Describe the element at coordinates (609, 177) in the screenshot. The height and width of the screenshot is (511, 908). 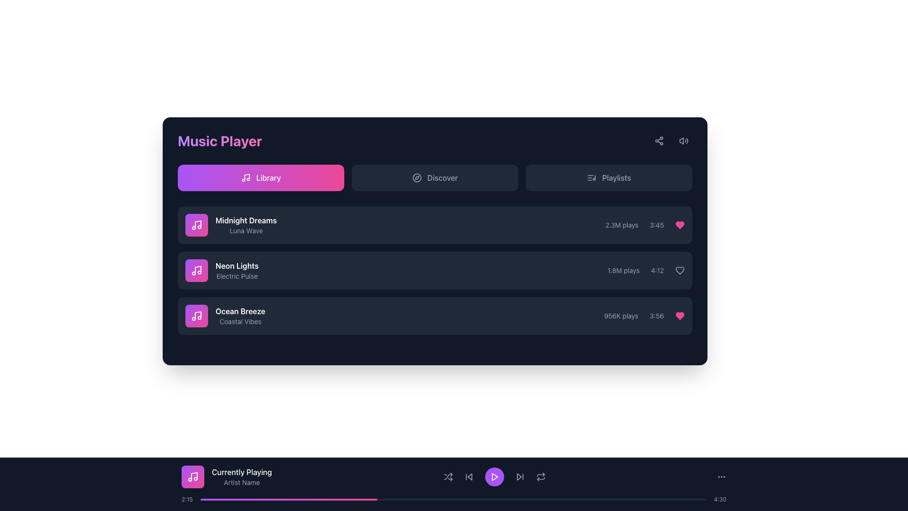
I see `the 'Playlists' button, which has a dark gray background and contains an icon of horizontal lines with a musical note` at that location.